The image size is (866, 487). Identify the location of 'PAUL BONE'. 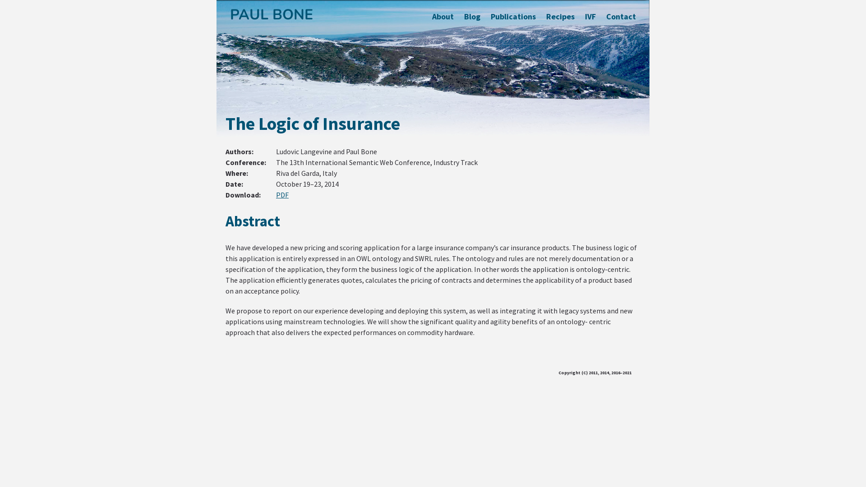
(271, 14).